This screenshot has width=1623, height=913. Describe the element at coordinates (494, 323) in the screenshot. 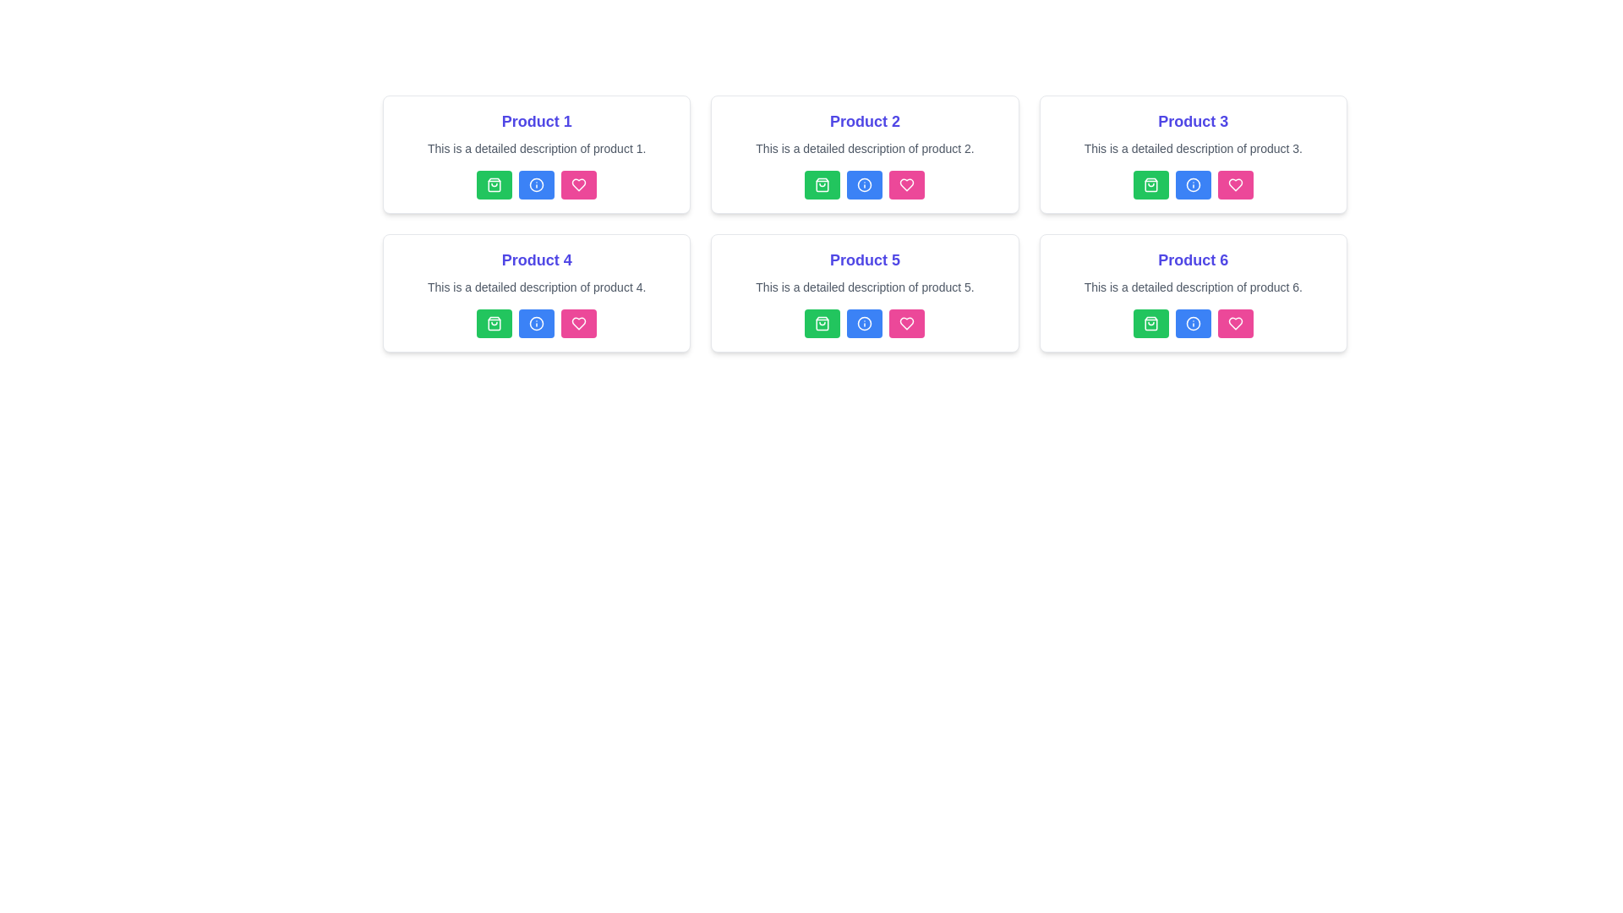

I see `the 'Add to Cart' button located under the 'Product 4' section, which is the first button in the second row of the grid layout to change its appearance` at that location.